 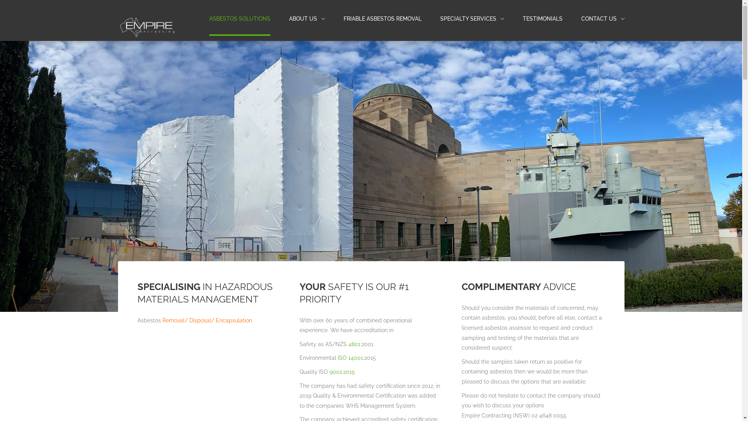 What do you see at coordinates (302, 18) in the screenshot?
I see `'ABOUT US'` at bounding box center [302, 18].